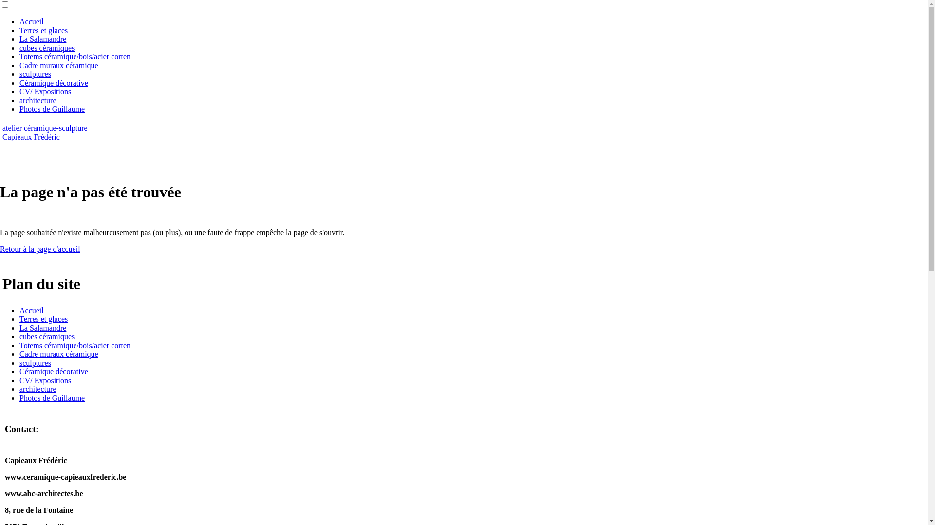 The height and width of the screenshot is (525, 935). I want to click on 'La Salamandre', so click(42, 38).